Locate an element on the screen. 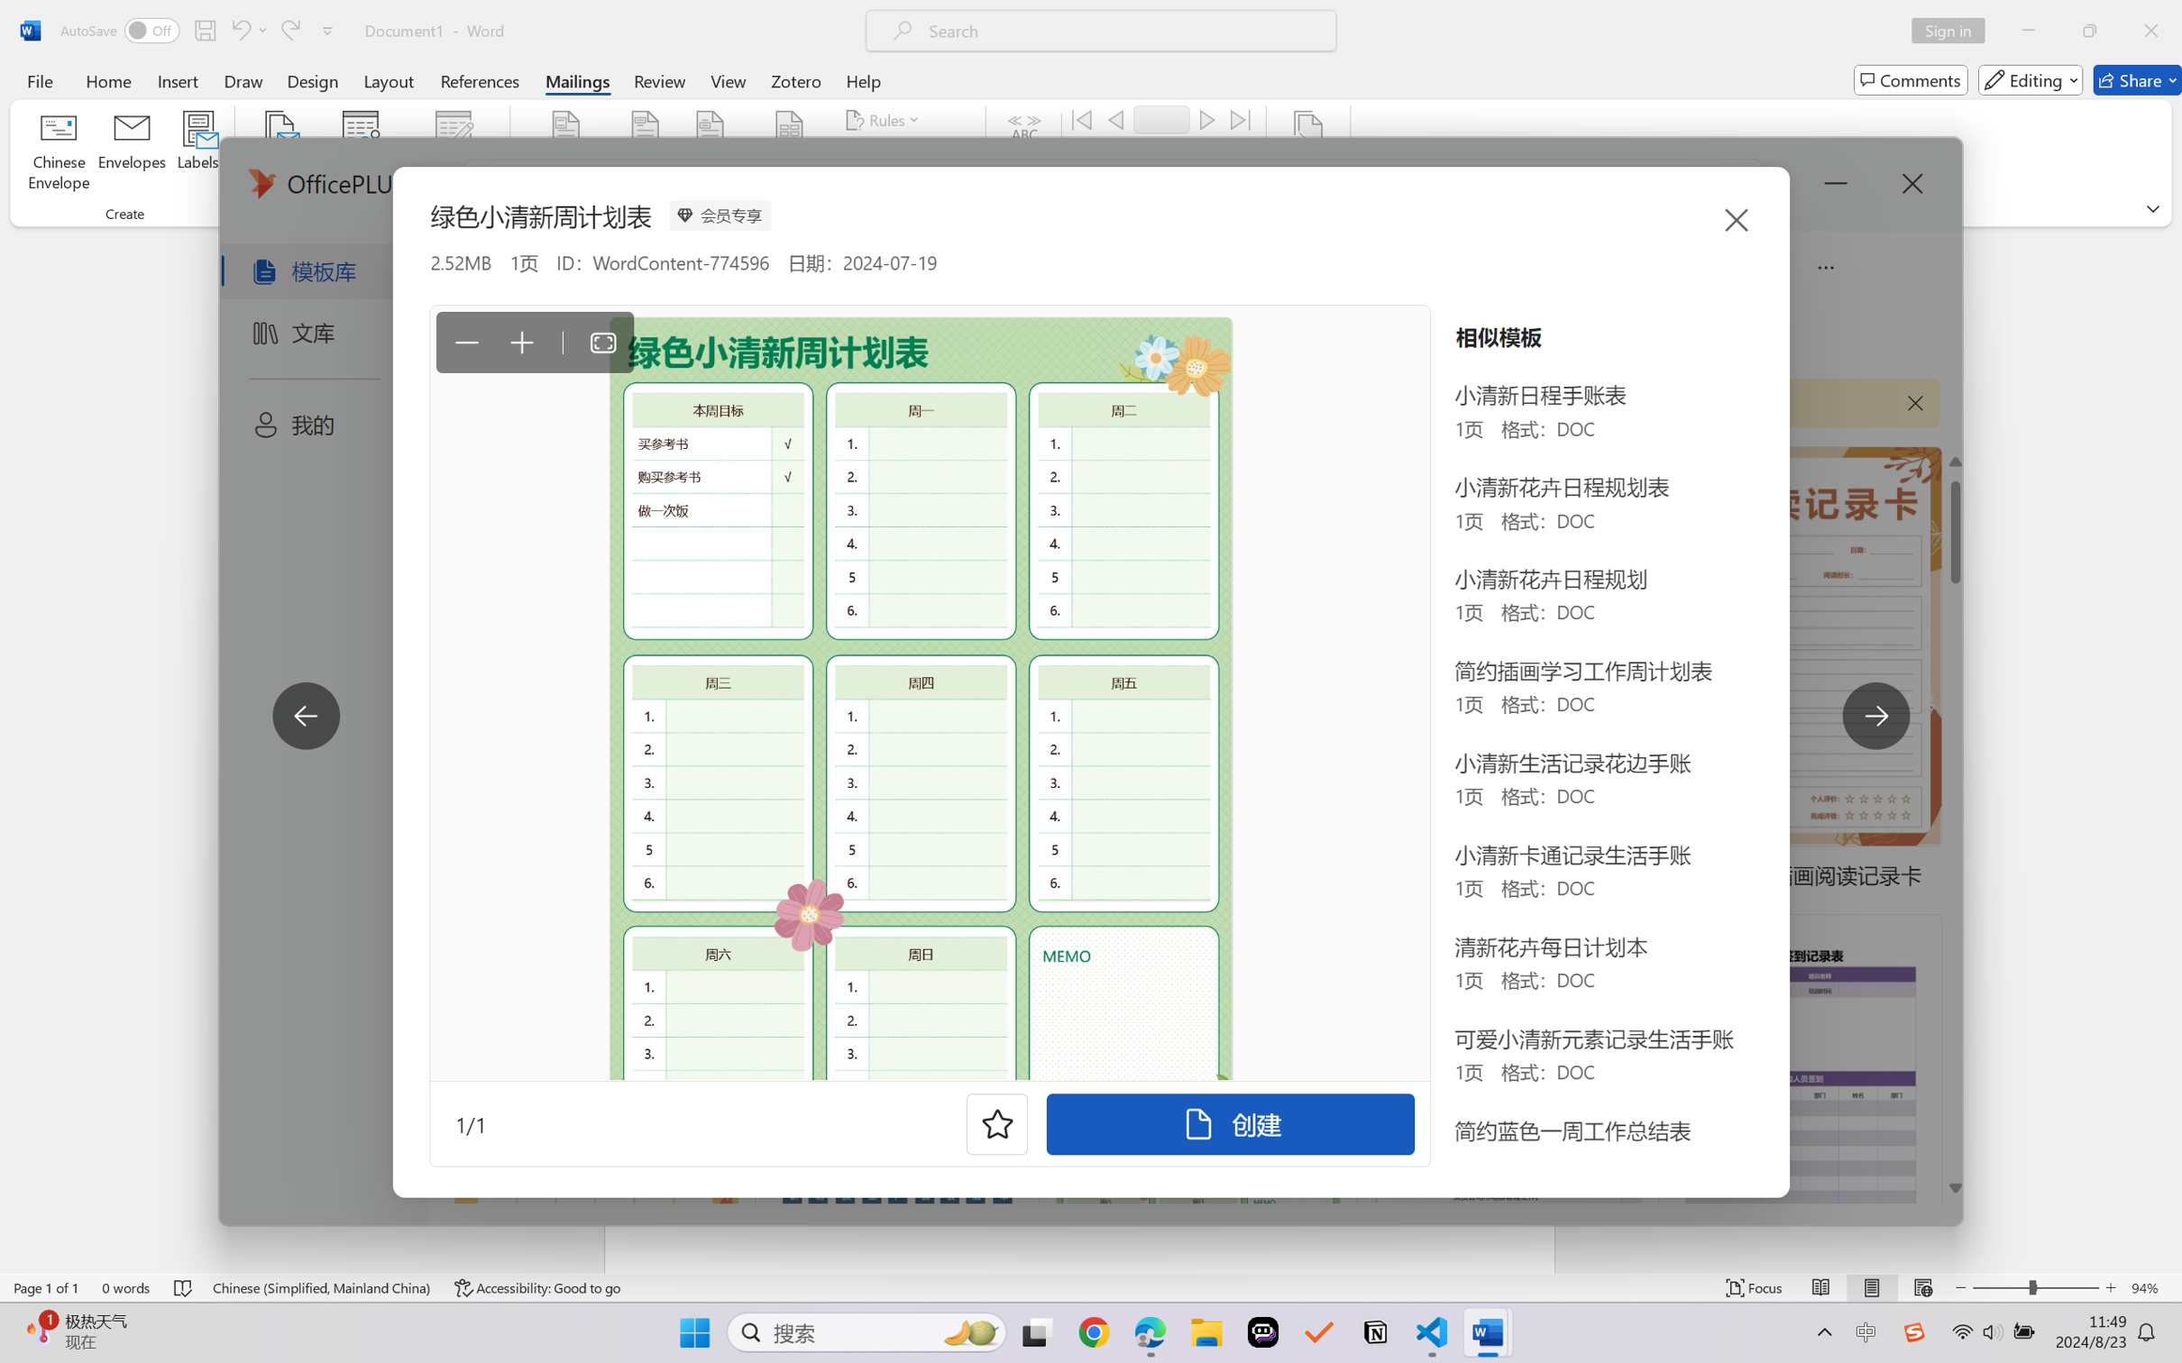 The height and width of the screenshot is (1363, 2182). 'Sign in' is located at coordinates (1955, 30).